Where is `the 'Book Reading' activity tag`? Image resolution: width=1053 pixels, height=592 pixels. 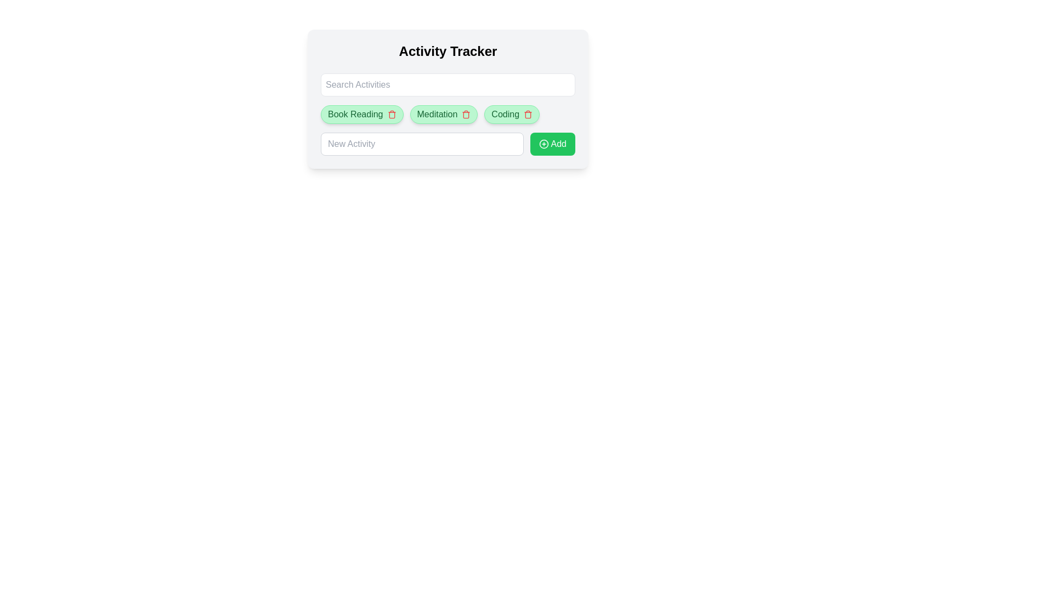 the 'Book Reading' activity tag is located at coordinates (362, 114).